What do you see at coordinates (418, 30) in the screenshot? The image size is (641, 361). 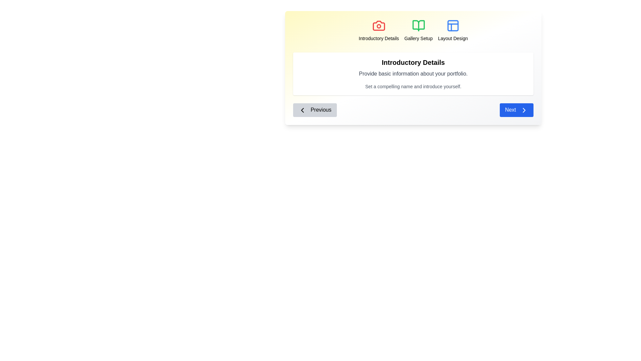 I see `the 'Gallery Setup' navigation link, which features a green open book icon followed by the text 'Gallery Setup' centered below it` at bounding box center [418, 30].